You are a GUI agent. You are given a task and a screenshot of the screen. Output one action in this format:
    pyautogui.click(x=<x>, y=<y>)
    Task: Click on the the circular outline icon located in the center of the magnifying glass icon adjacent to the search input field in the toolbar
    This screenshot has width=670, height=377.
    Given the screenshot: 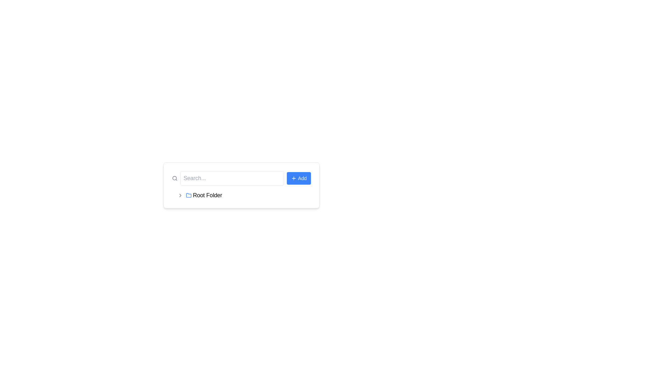 What is the action you would take?
    pyautogui.click(x=174, y=178)
    